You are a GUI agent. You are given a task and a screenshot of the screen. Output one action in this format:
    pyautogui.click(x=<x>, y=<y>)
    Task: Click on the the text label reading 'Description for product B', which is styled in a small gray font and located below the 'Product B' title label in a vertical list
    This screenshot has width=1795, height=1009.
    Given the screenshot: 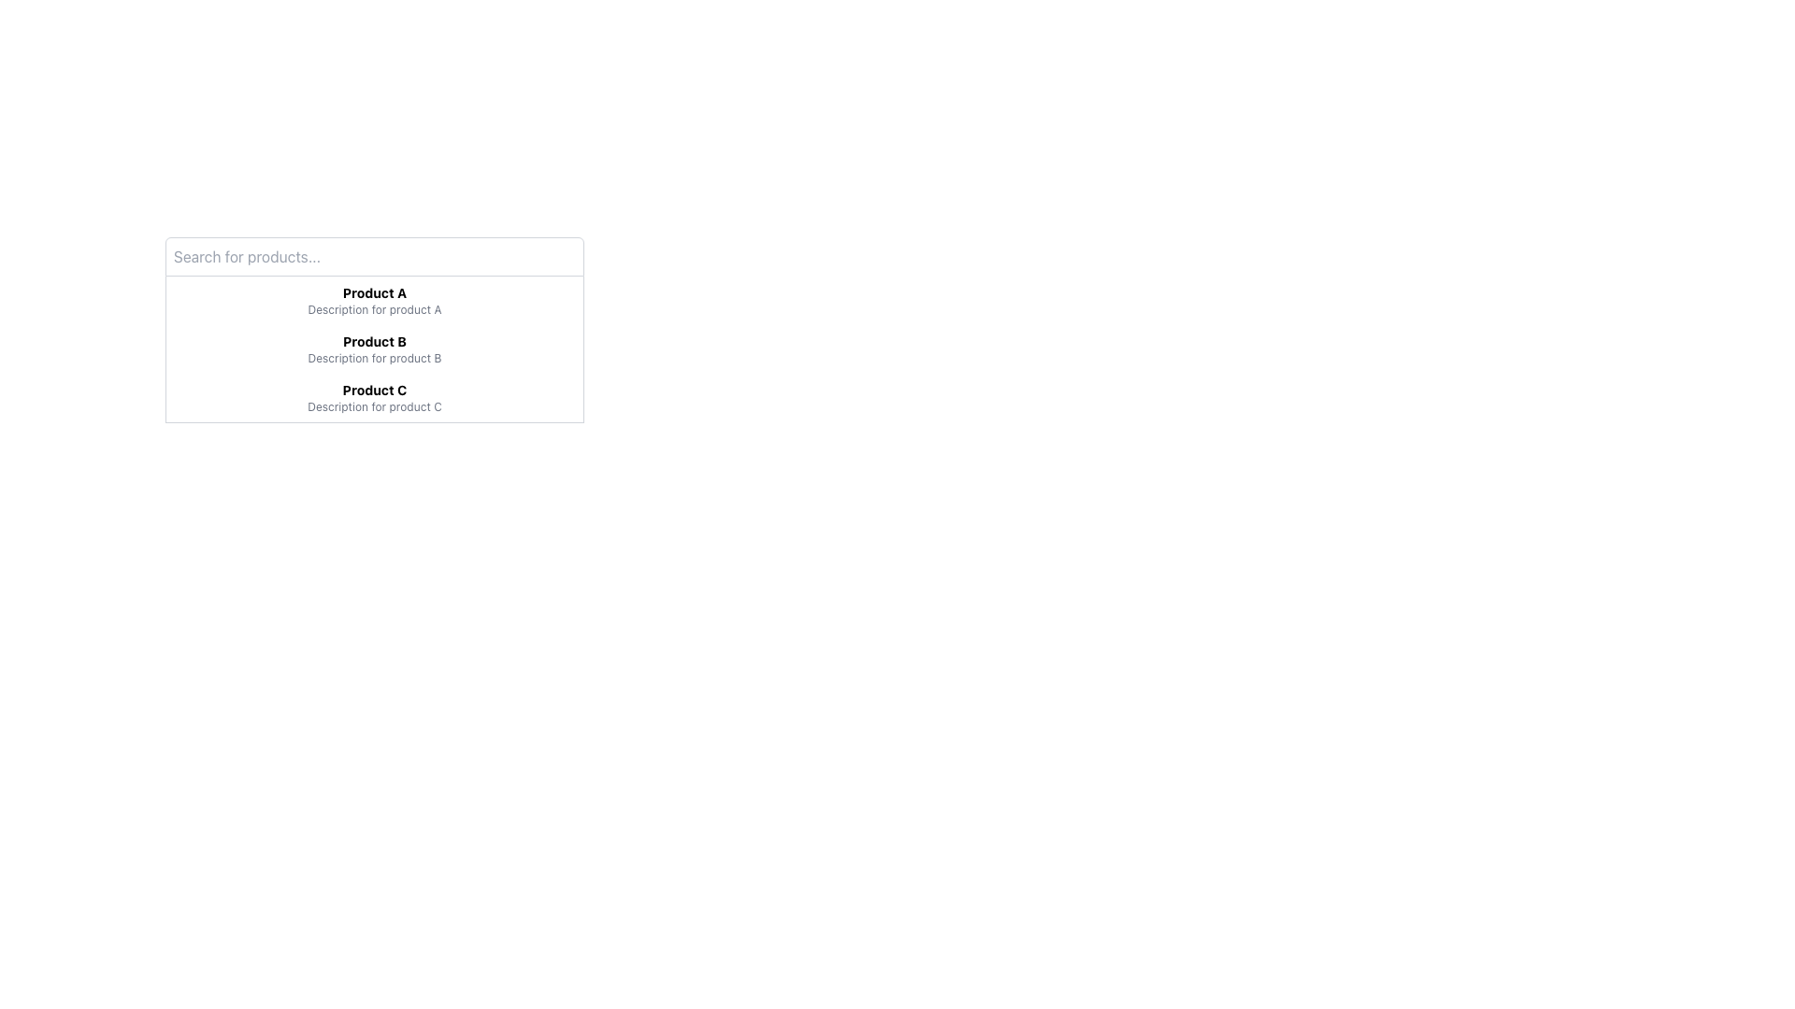 What is the action you would take?
    pyautogui.click(x=374, y=359)
    